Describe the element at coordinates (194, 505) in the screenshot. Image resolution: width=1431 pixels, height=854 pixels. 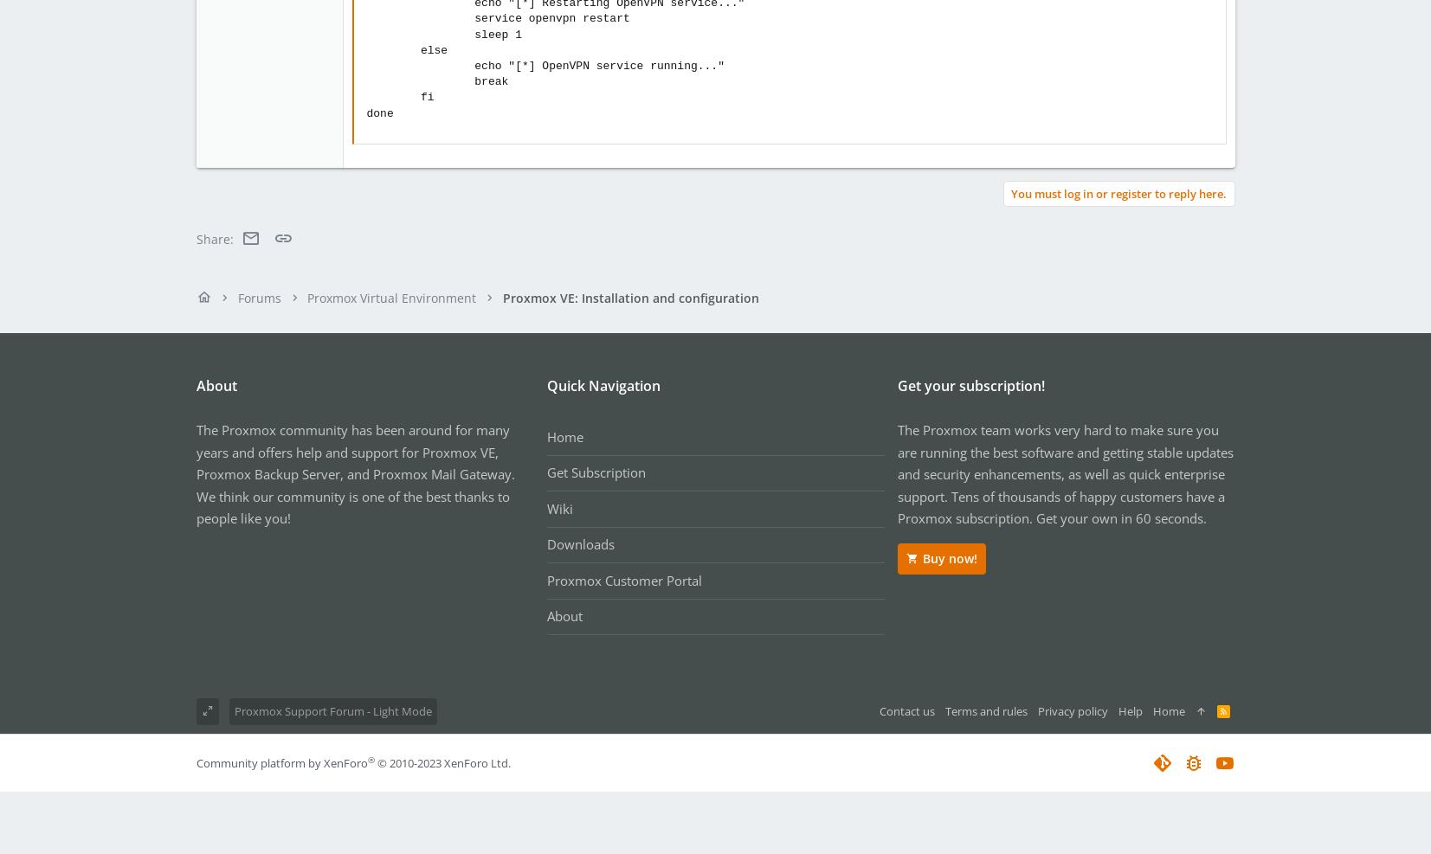
I see `'We think our community is one of the best thanks to people like you!'` at that location.